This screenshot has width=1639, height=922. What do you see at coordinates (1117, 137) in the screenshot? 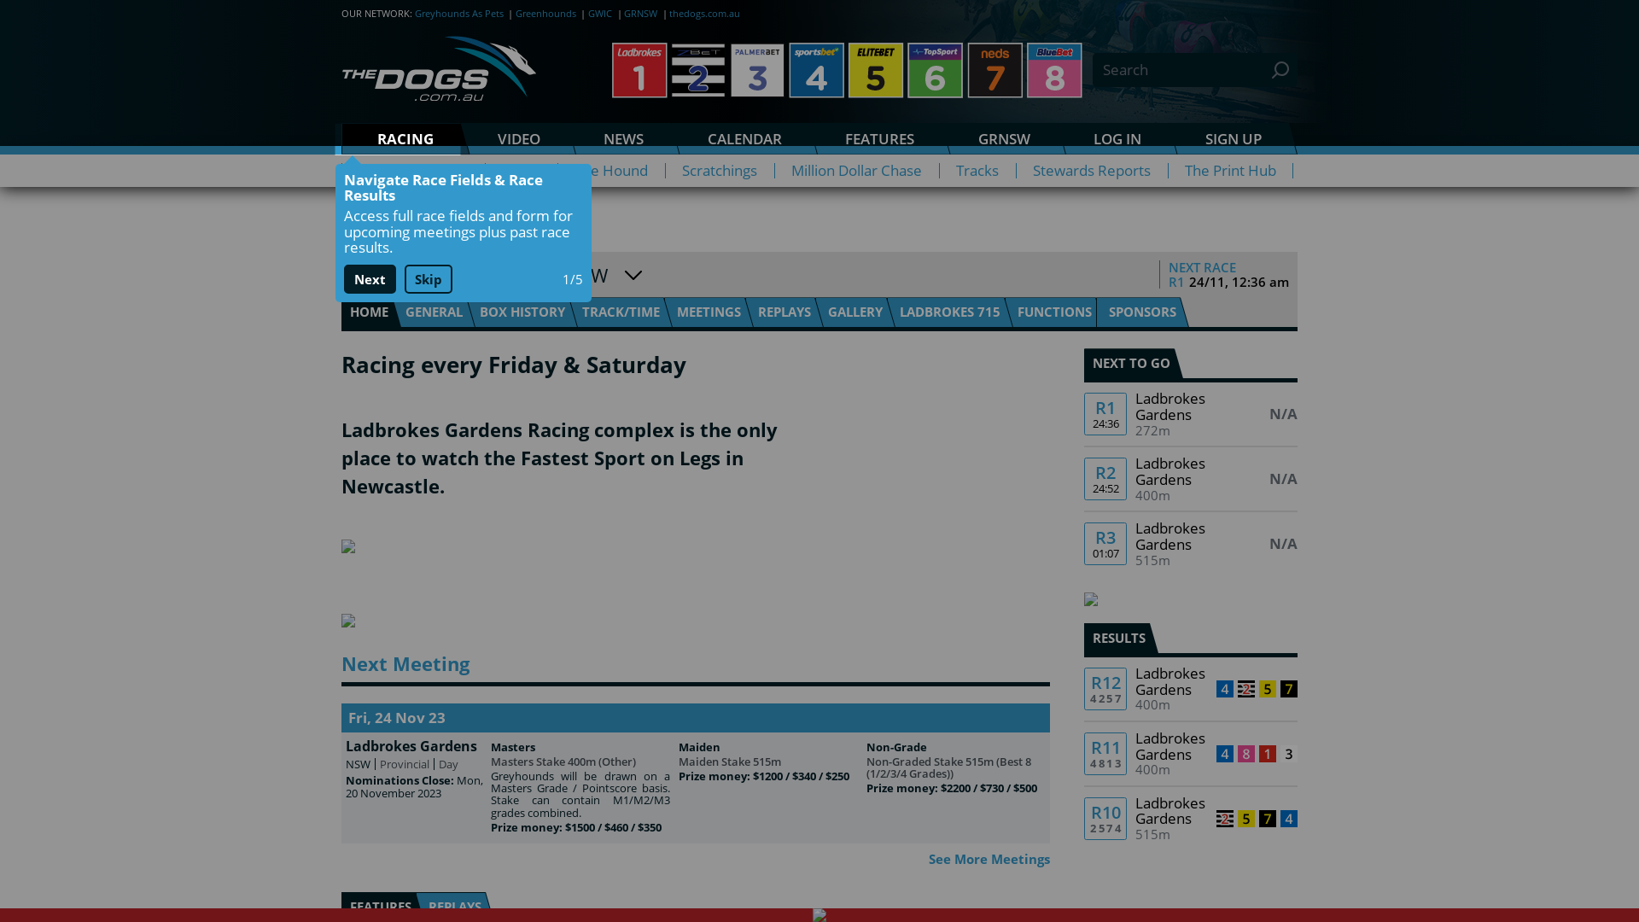
I see `'LOG IN'` at bounding box center [1117, 137].